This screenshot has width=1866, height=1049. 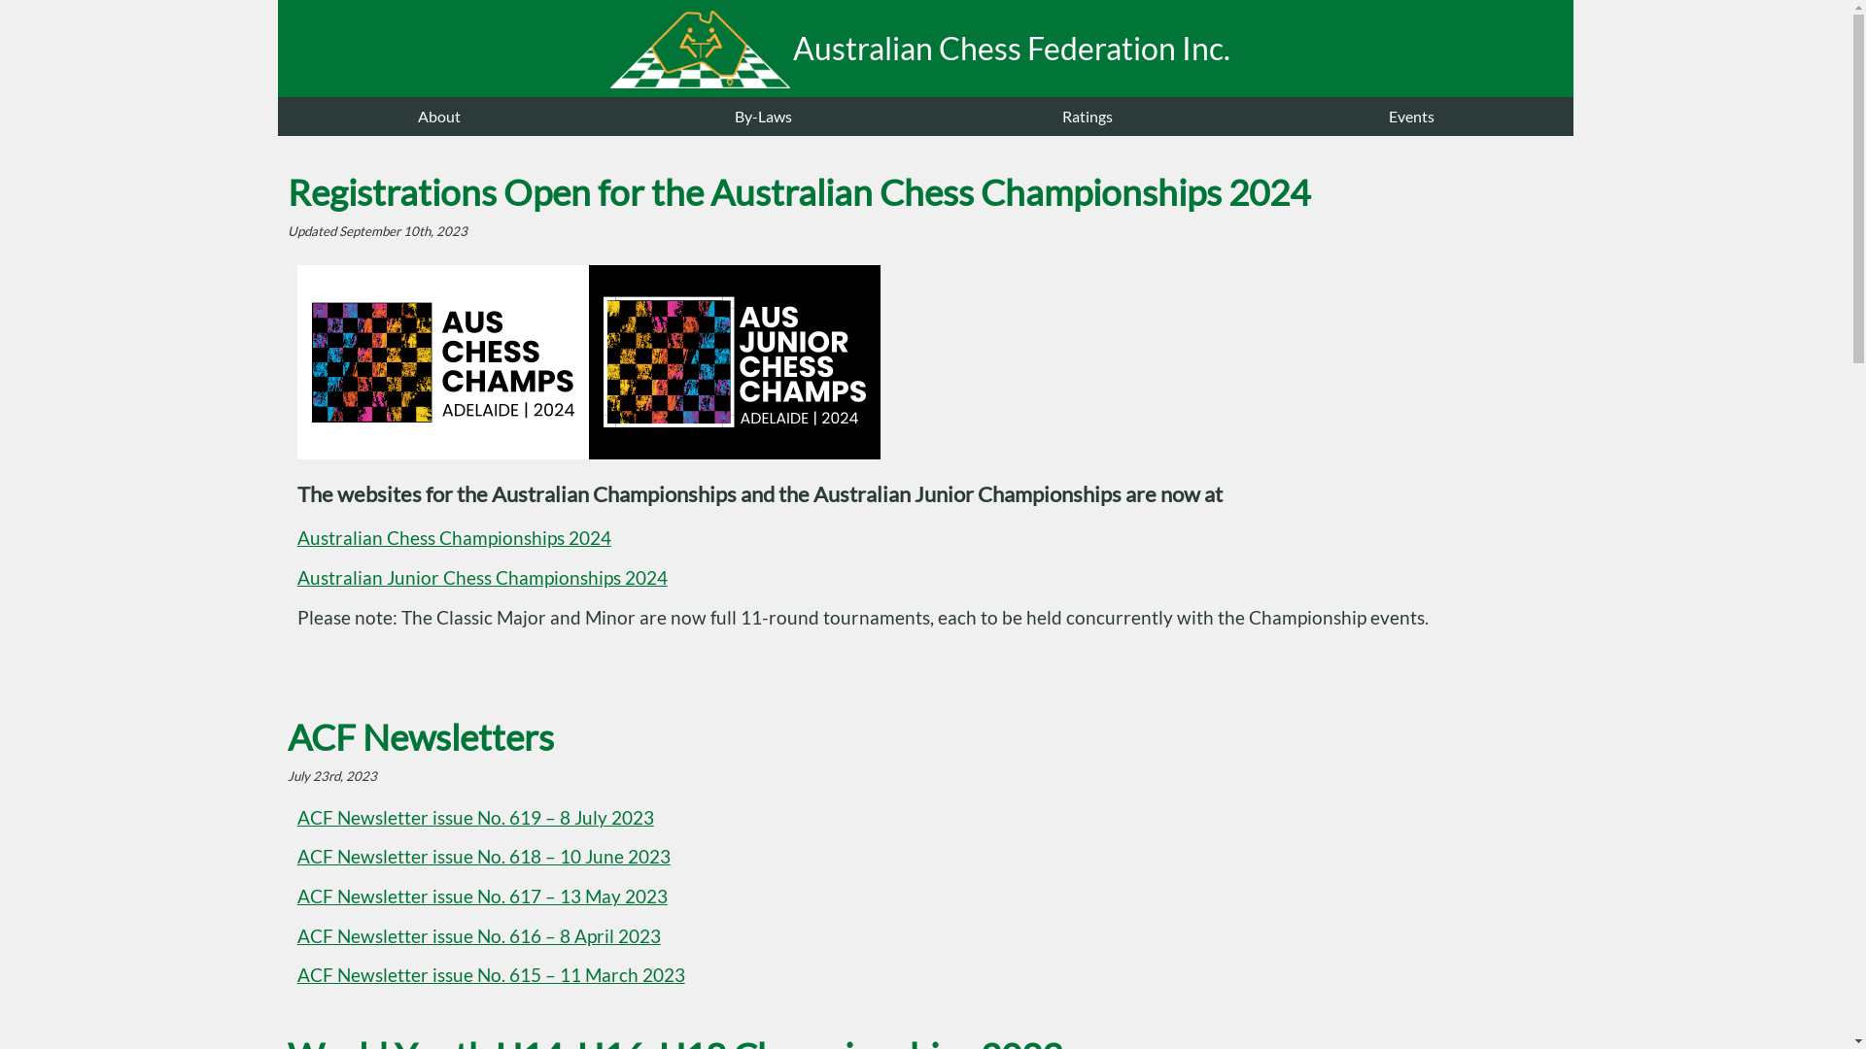 I want to click on 'Australian Chess Championships 2024', so click(x=453, y=538).